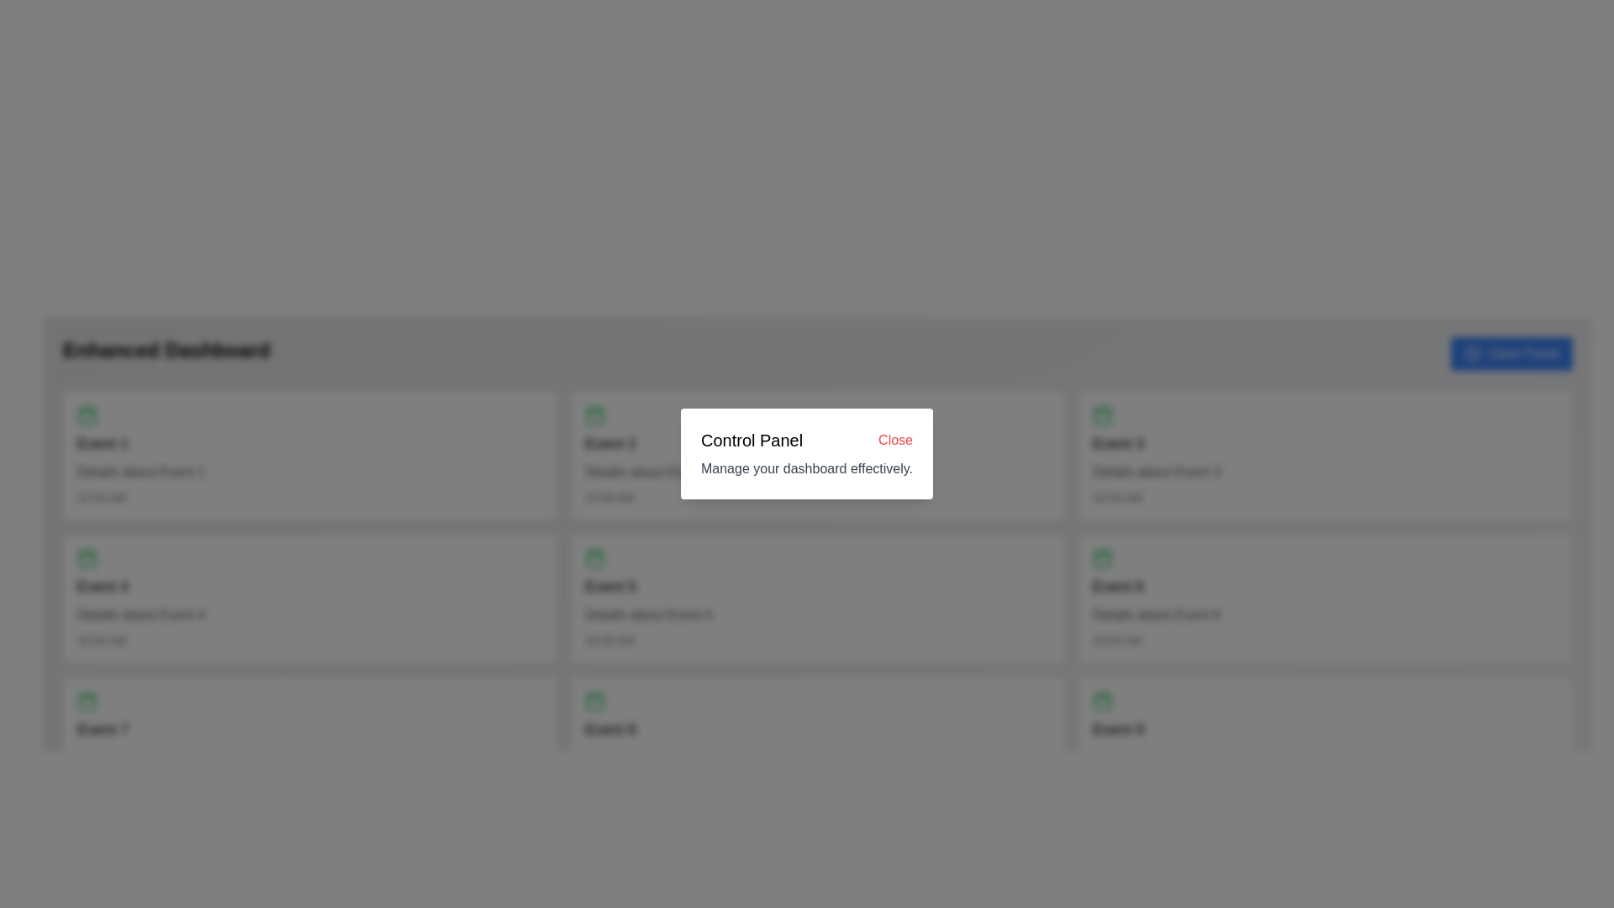  What do you see at coordinates (1102, 557) in the screenshot?
I see `the calendar icon representing date-related functionality for the 'Event 6' card, which is located at the top-left corner of the card` at bounding box center [1102, 557].